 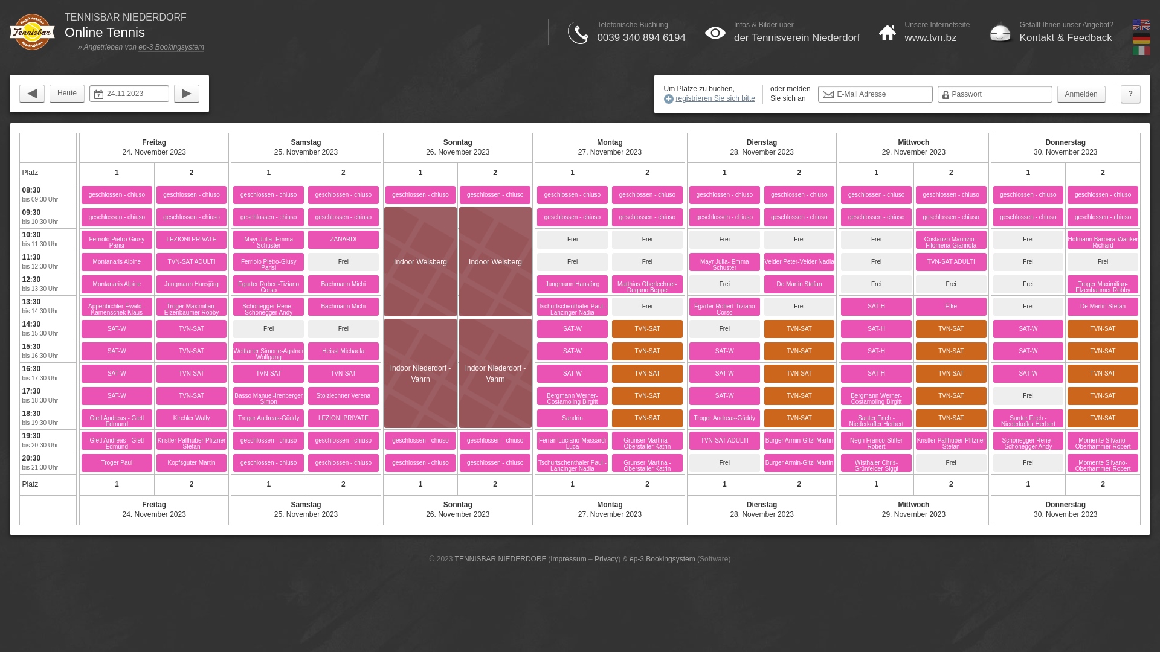 What do you see at coordinates (1103, 440) in the screenshot?
I see `'Momente Silvano-Oberhammer Robert'` at bounding box center [1103, 440].